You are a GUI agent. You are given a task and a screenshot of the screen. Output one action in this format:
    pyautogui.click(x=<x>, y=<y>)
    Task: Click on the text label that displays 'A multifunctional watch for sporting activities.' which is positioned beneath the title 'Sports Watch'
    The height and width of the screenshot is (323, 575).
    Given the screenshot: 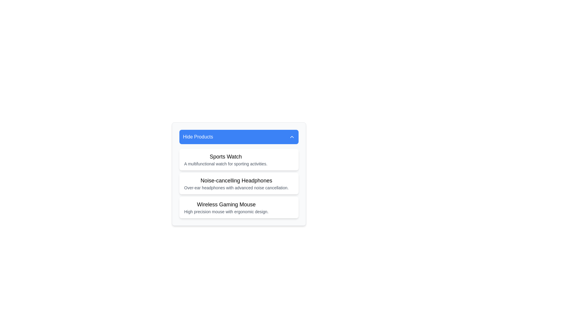 What is the action you would take?
    pyautogui.click(x=225, y=164)
    